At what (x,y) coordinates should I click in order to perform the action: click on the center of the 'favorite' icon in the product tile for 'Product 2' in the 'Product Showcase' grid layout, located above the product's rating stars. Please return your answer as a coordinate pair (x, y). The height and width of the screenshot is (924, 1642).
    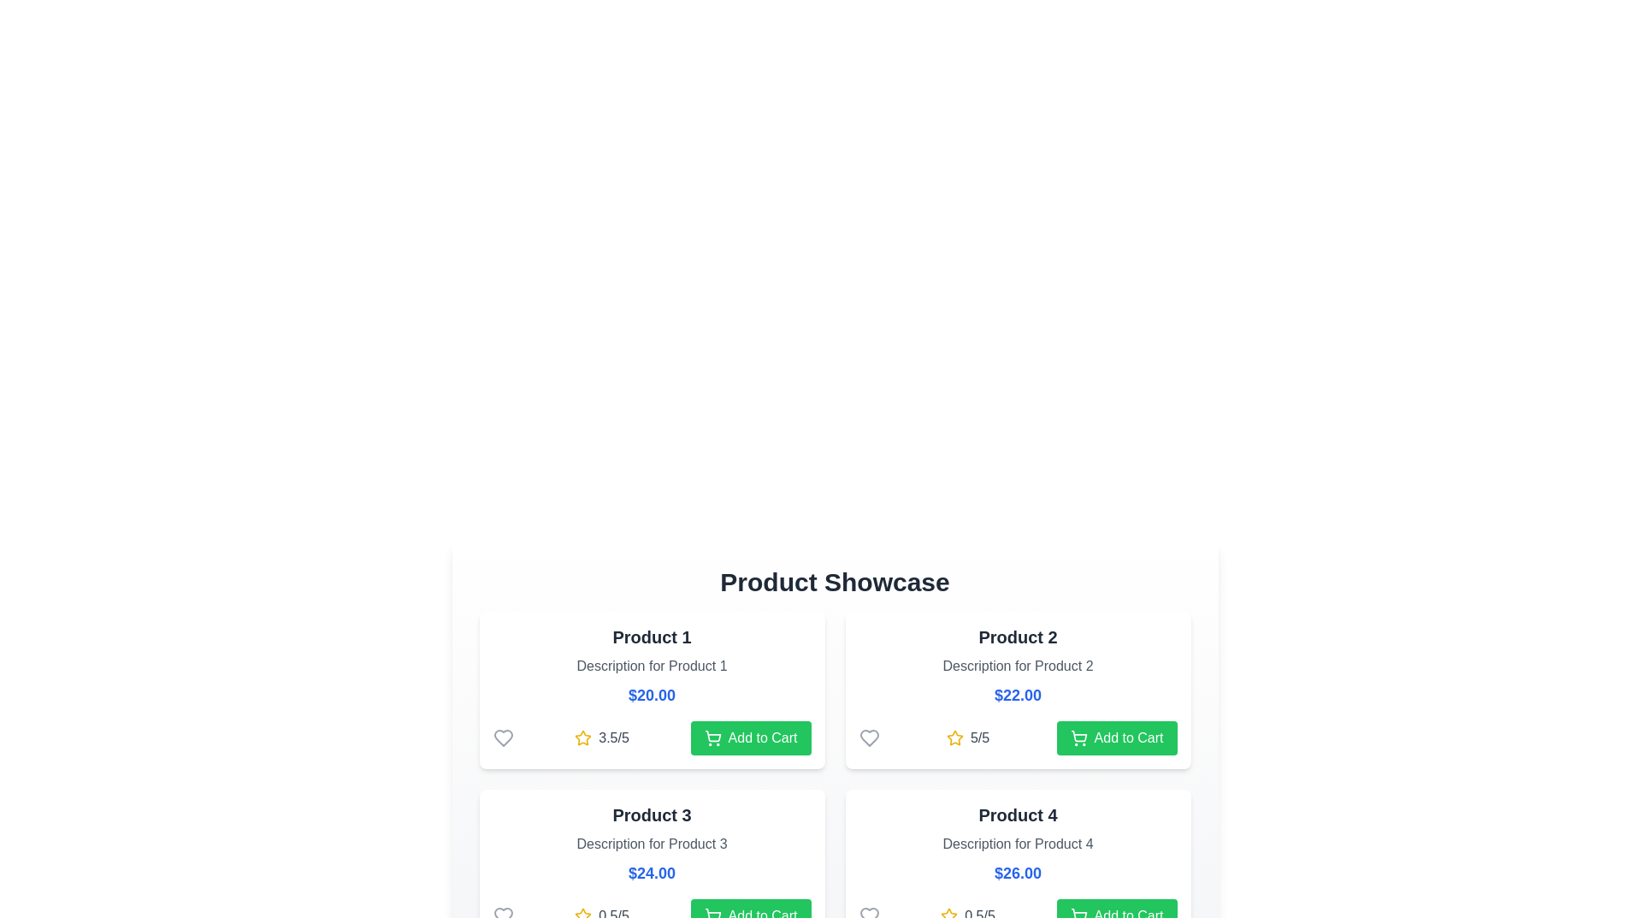
    Looking at the image, I should click on (869, 737).